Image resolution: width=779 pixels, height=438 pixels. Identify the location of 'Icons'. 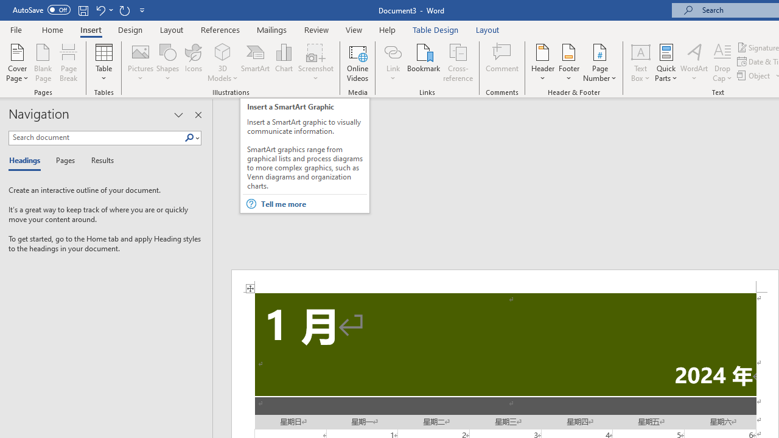
(193, 63).